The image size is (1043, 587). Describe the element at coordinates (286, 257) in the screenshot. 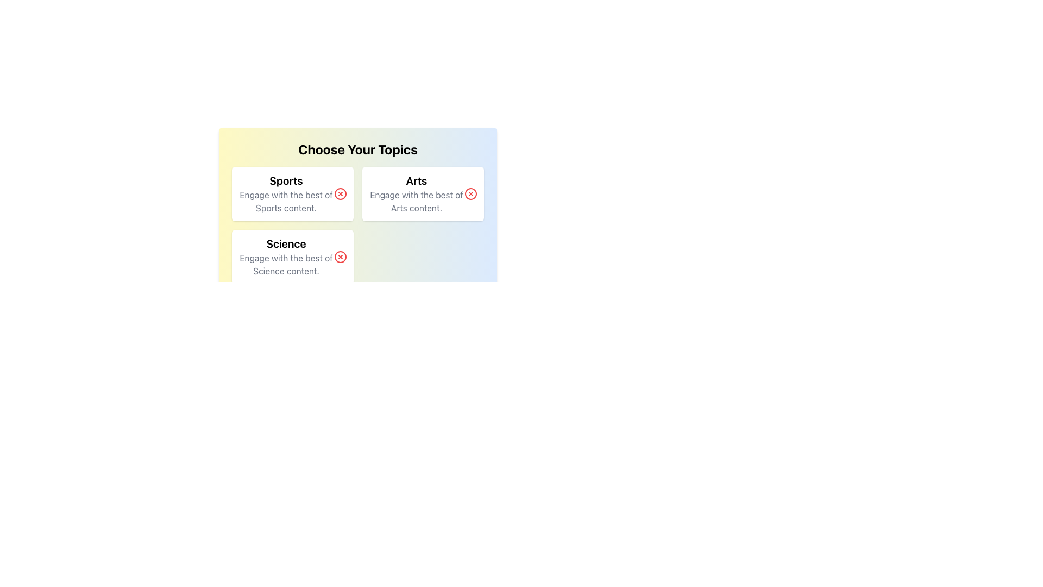

I see `the text block representing the topic 'Science' located in the bottom-left corner of the card UI component` at that location.